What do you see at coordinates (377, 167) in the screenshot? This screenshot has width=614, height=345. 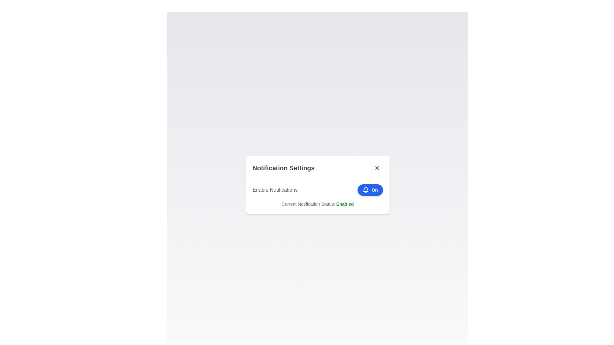 I see `the circular button with an 'X' icon for closing notifications to observe the hover effect that changes its background color to light gray` at bounding box center [377, 167].